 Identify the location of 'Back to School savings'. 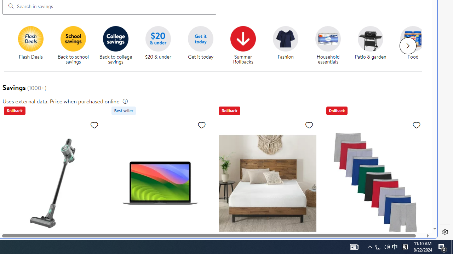
(73, 38).